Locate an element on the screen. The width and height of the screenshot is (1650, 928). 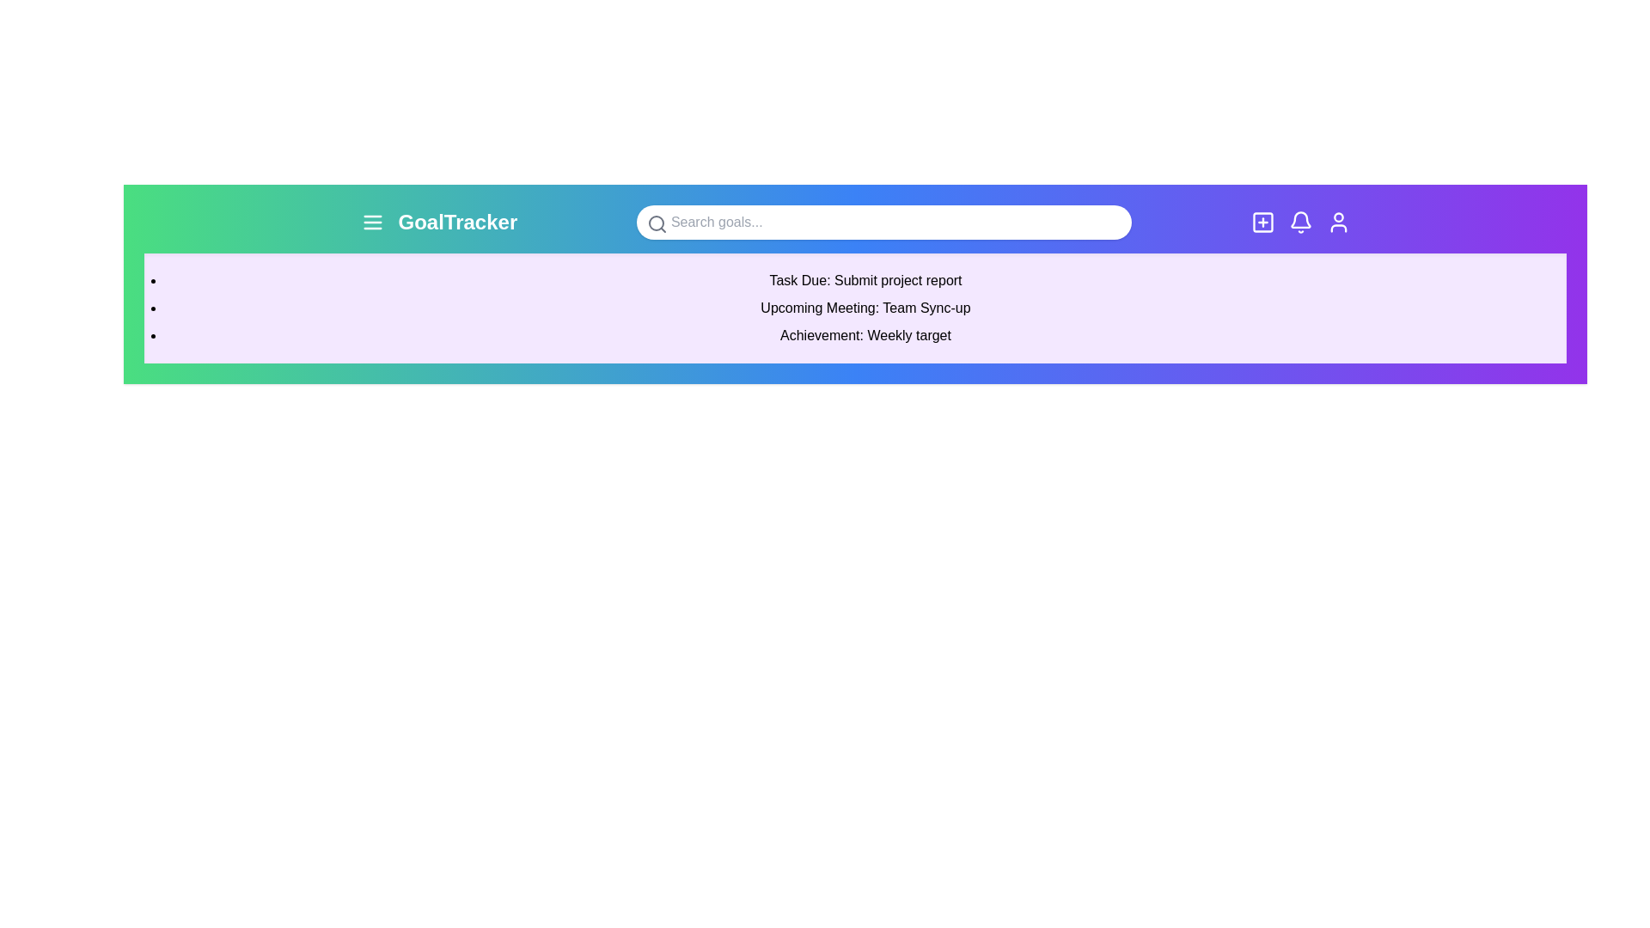
the 'Add' icon to create a new goal is located at coordinates (1262, 221).